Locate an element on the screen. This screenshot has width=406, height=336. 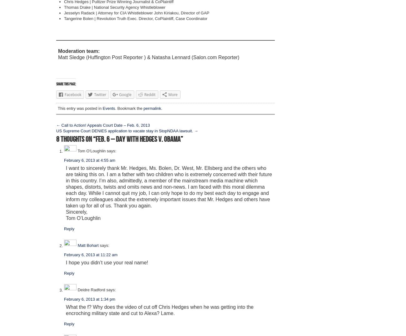
'Jesselyn Radack | Attorney for CIA Whistleblower John Kiriakou, Director of GAP' is located at coordinates (136, 13).